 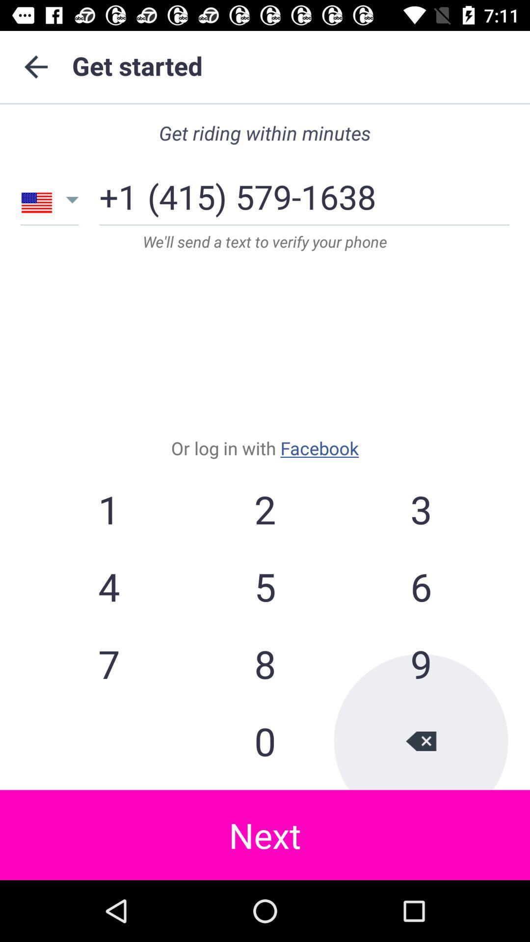 I want to click on item next to 7, so click(x=265, y=741).